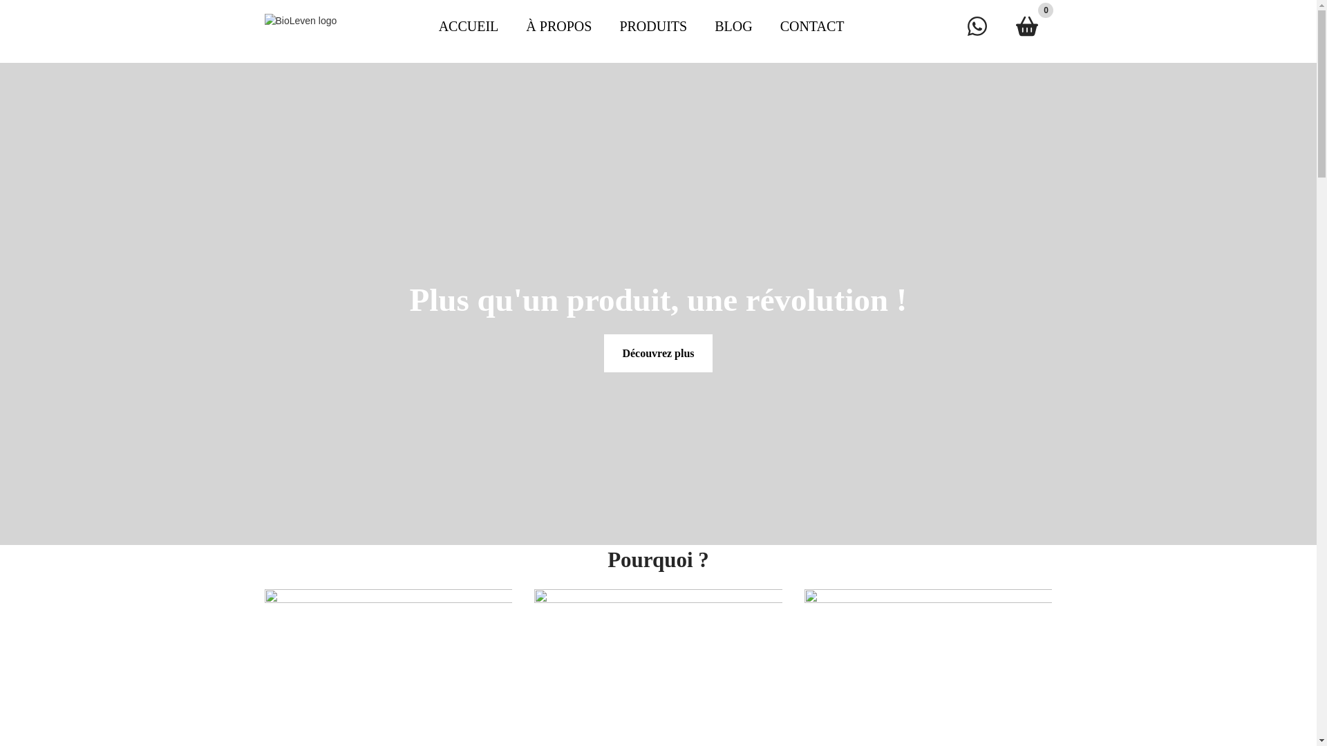  Describe the element at coordinates (469, 26) in the screenshot. I see `'ACCUEIL'` at that location.